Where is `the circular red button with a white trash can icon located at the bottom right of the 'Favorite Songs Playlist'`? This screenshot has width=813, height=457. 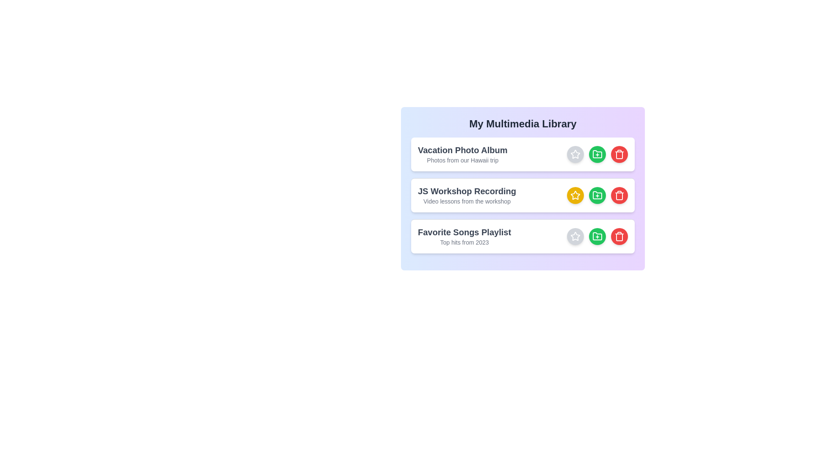 the circular red button with a white trash can icon located at the bottom right of the 'Favorite Songs Playlist' is located at coordinates (619, 237).